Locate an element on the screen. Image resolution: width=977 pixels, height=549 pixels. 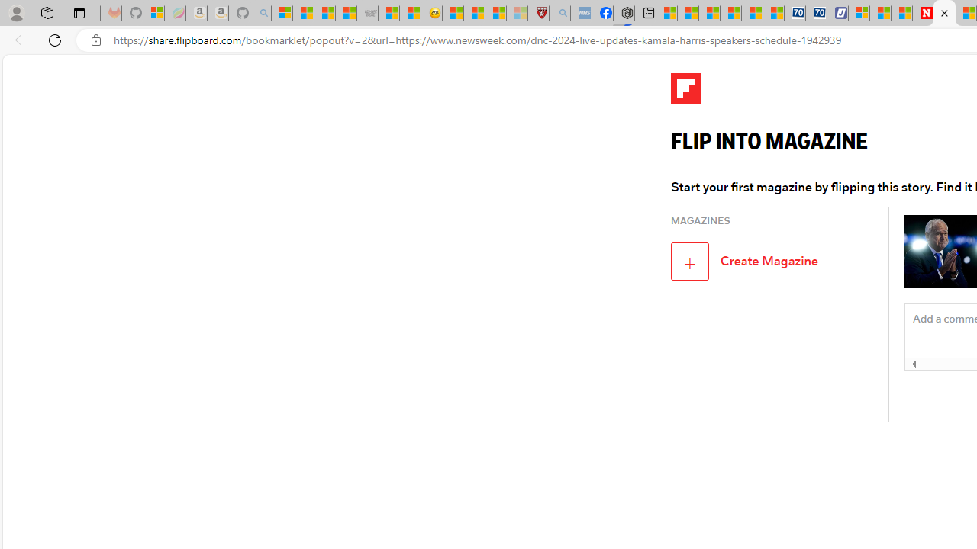
'Recipes - MSN' is located at coordinates (452, 13).